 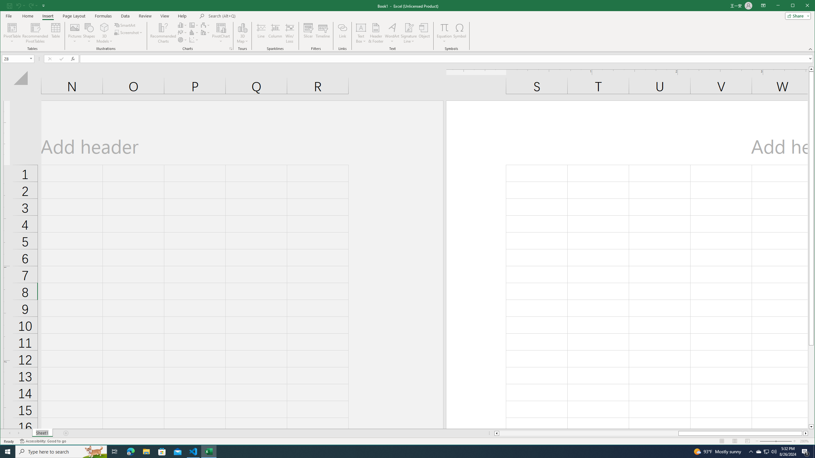 What do you see at coordinates (722, 441) in the screenshot?
I see `'Normal'` at bounding box center [722, 441].